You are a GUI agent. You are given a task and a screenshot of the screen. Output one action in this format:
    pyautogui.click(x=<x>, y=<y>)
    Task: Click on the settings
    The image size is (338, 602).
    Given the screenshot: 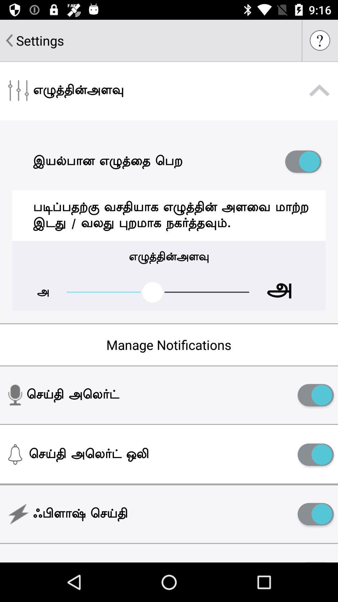 What is the action you would take?
    pyautogui.click(x=40, y=40)
    